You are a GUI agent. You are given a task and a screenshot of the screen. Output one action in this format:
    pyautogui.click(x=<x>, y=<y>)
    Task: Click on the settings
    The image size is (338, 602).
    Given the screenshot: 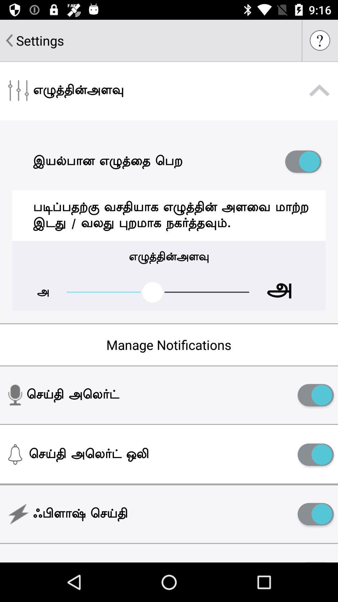 What is the action you would take?
    pyautogui.click(x=40, y=40)
    